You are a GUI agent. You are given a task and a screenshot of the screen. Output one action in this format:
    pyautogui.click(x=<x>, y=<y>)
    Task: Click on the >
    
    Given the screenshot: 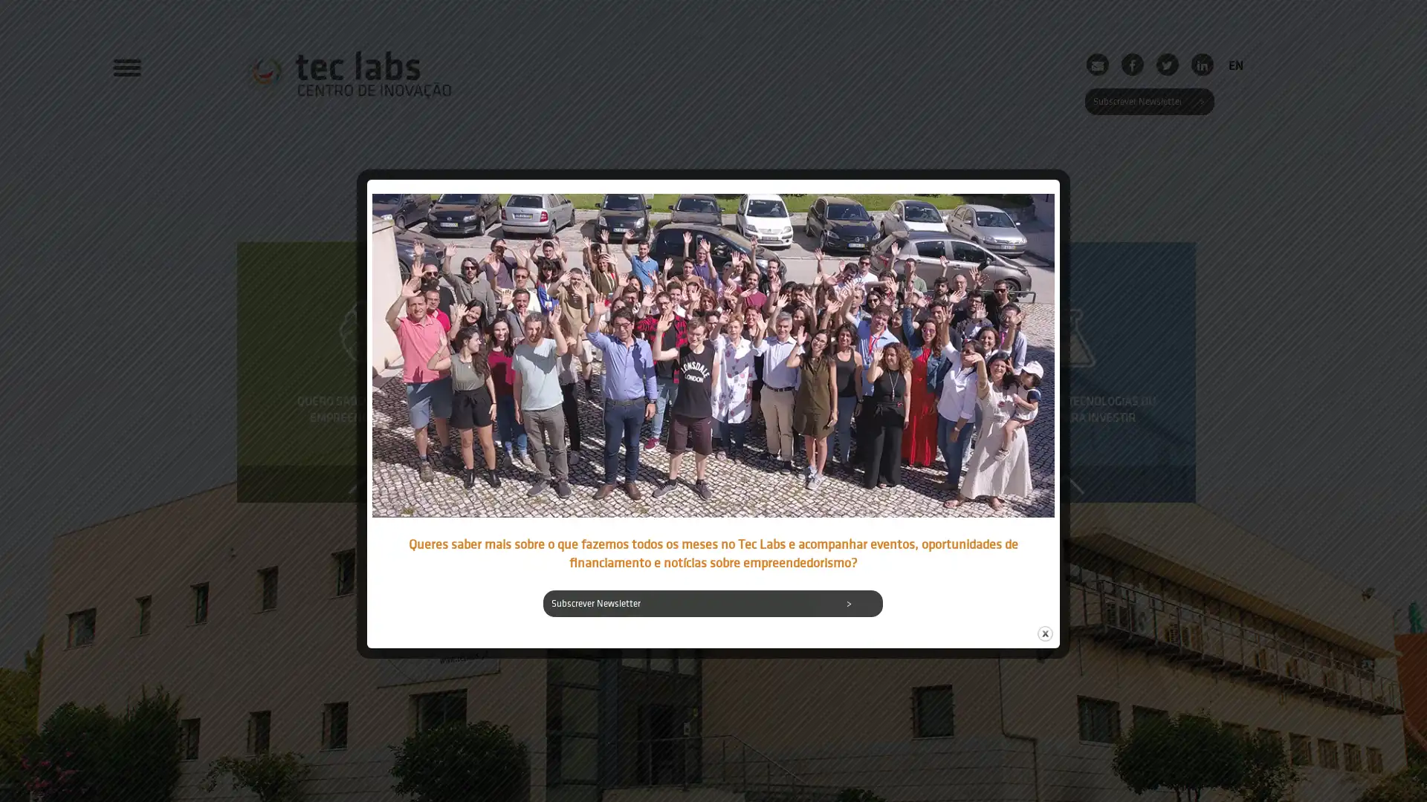 What is the action you would take?
    pyautogui.click(x=1200, y=101)
    